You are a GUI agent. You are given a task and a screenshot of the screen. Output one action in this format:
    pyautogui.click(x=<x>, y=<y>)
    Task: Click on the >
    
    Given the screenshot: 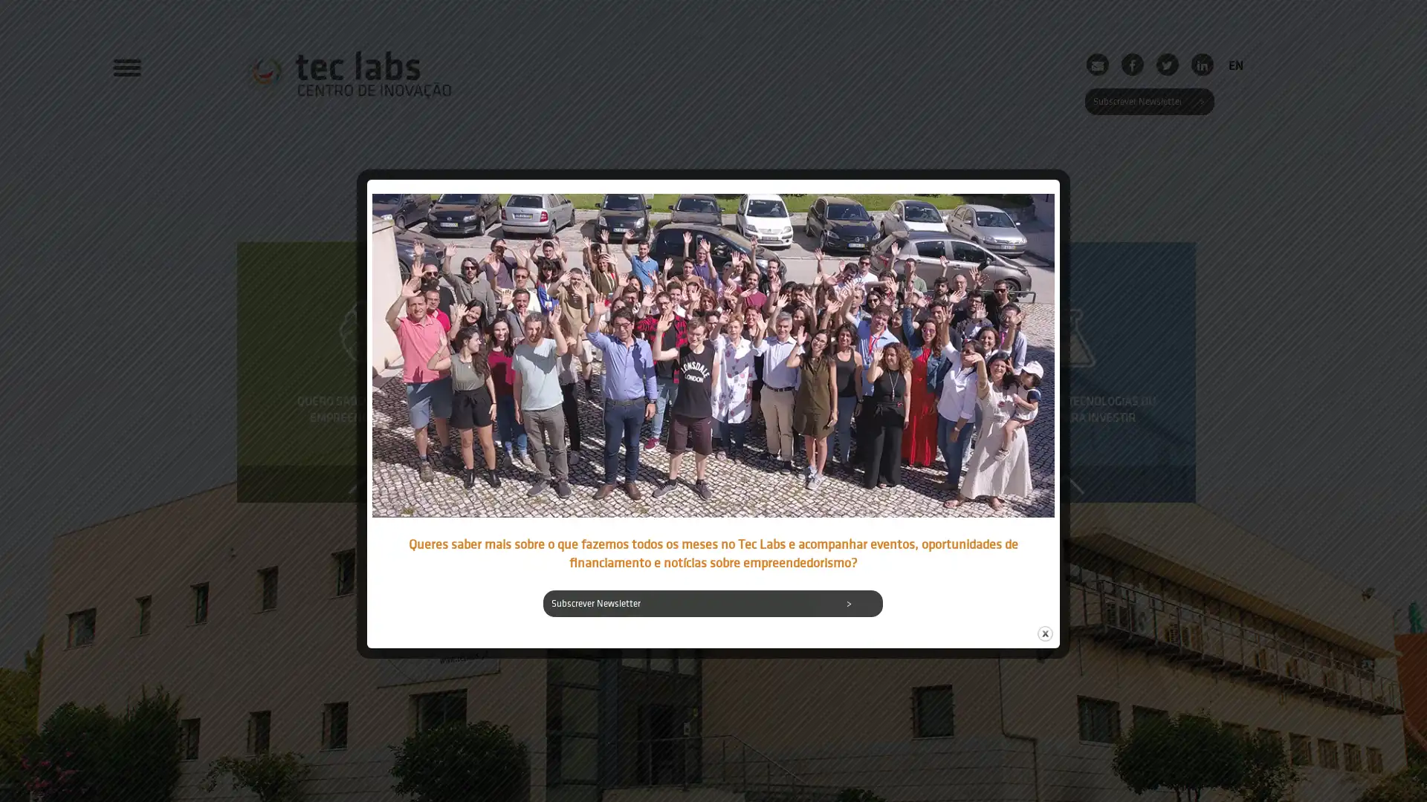 What is the action you would take?
    pyautogui.click(x=1200, y=101)
    